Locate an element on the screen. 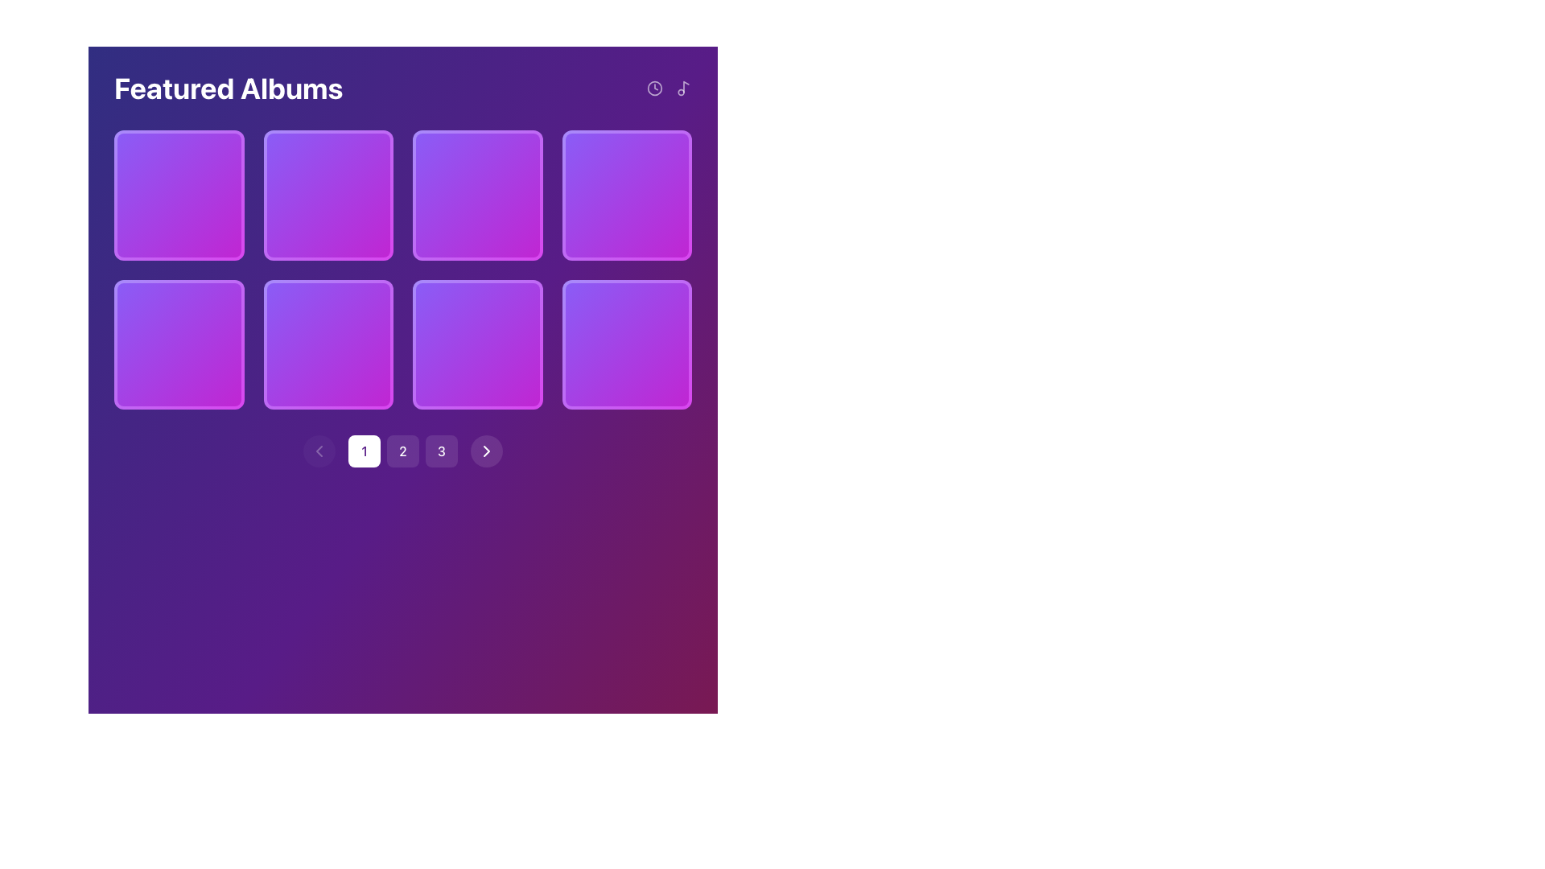 The width and height of the screenshot is (1545, 869). the musical note icon located in the top-right corner of the interface, which is the second icon to the right of the clock icon is located at coordinates (683, 89).